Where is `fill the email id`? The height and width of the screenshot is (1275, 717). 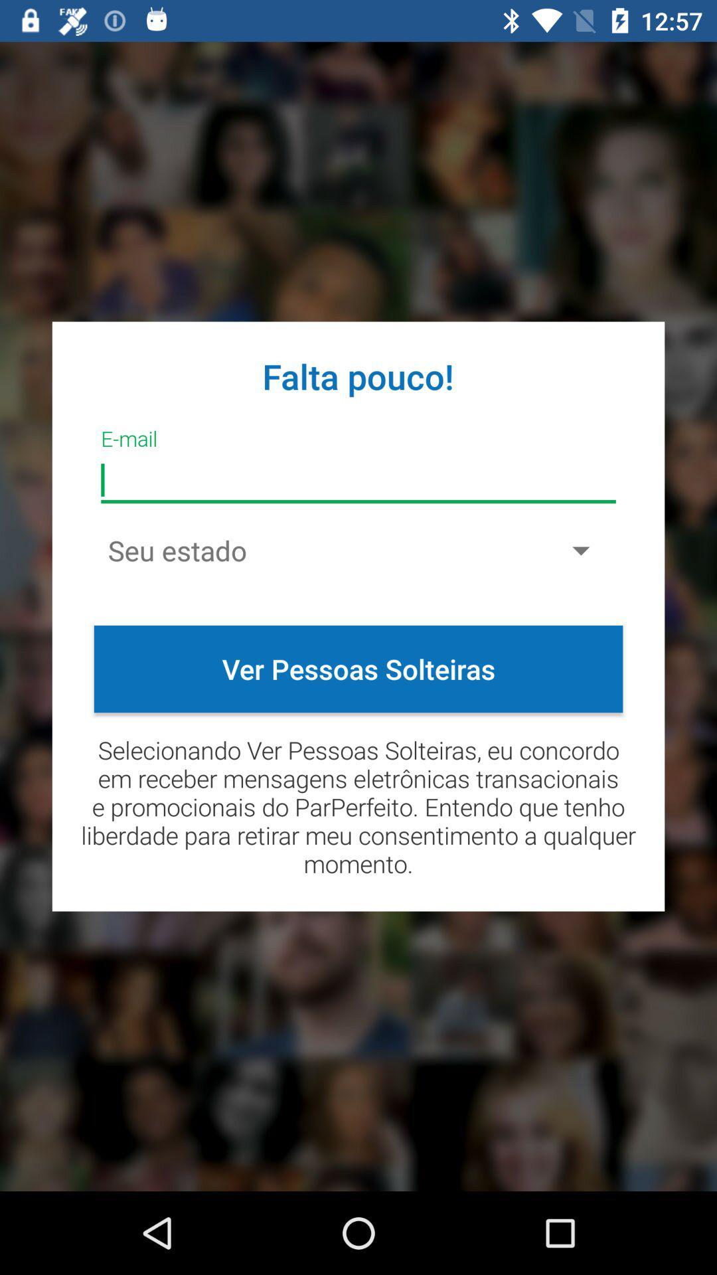 fill the email id is located at coordinates (358, 480).